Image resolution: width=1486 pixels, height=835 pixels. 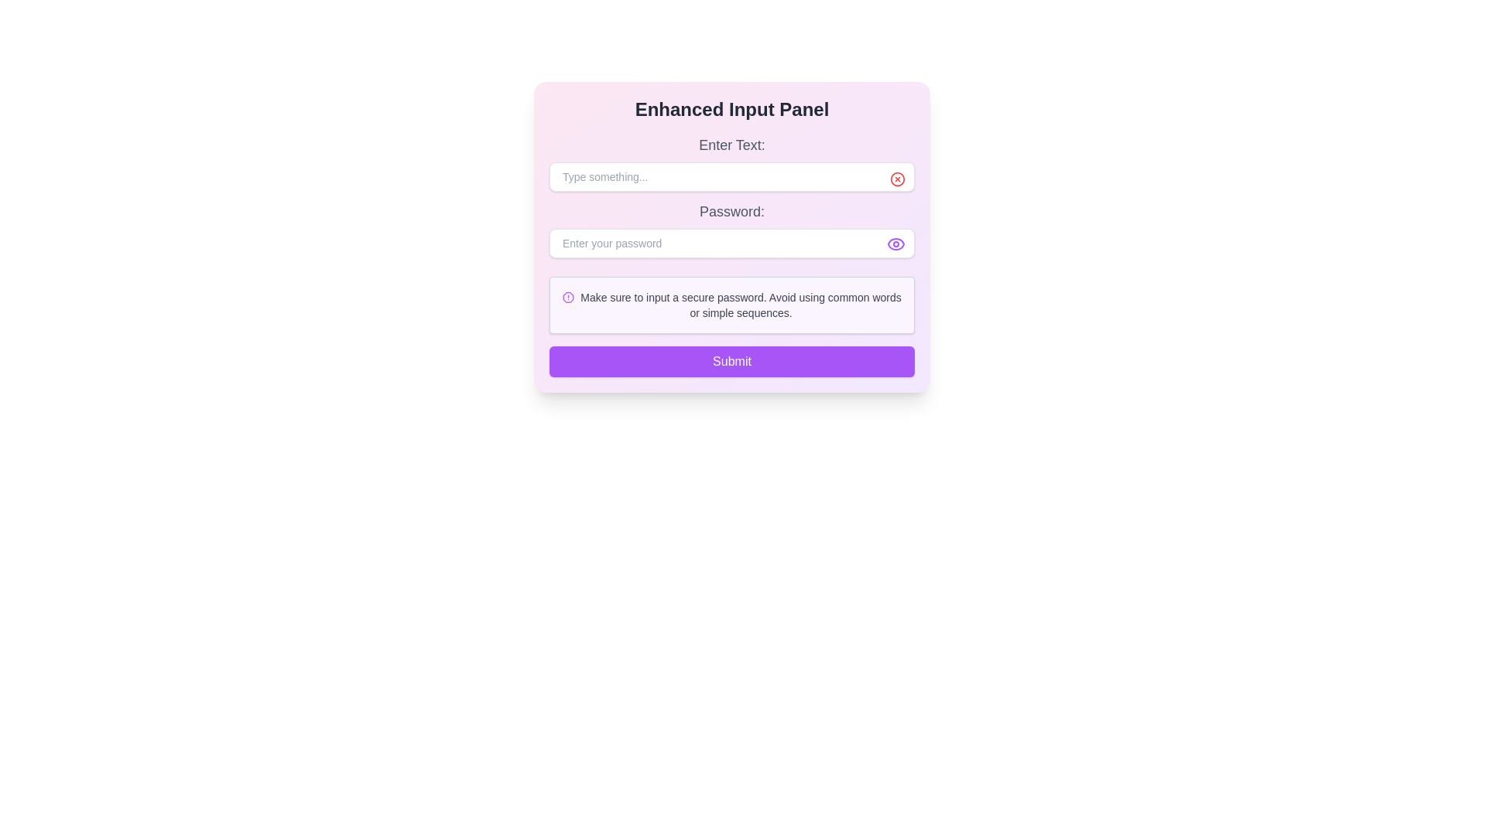 What do you see at coordinates (898, 178) in the screenshot?
I see `the keyboard navigation on the circular icon button with a red border and a cross-shaped symbol, located in the top-right corner of the input field labeled 'Type something...'` at bounding box center [898, 178].